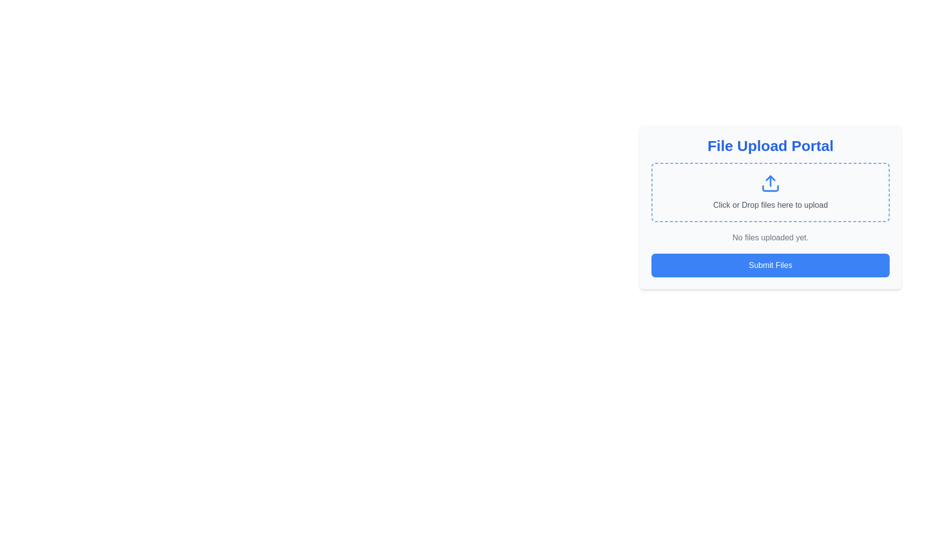 The height and width of the screenshot is (533, 949). I want to click on the 'Submit Files' button, which is a horizontally elongated blue button with white text, located at the bottom of the 'File Upload Portal' interface, below the instruction text 'No files uploaded yet.', so click(770, 265).